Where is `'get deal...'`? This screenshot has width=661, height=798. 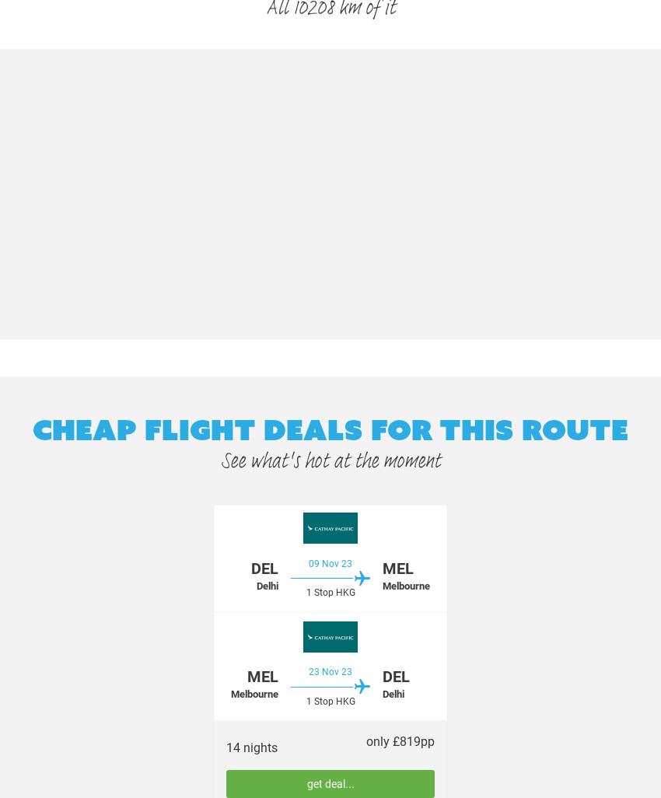
'get deal...' is located at coordinates (330, 783).